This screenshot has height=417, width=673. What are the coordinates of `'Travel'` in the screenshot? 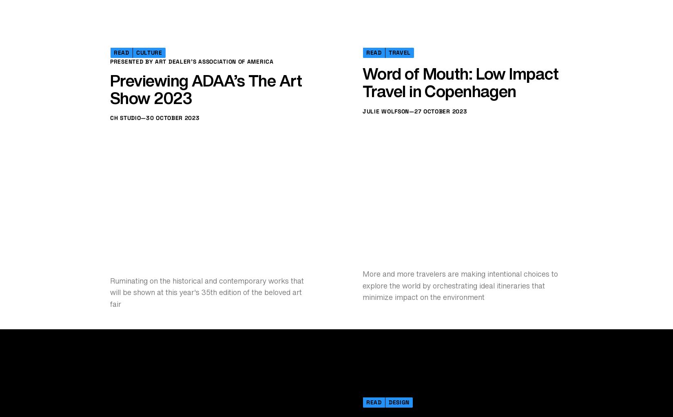 It's located at (388, 190).